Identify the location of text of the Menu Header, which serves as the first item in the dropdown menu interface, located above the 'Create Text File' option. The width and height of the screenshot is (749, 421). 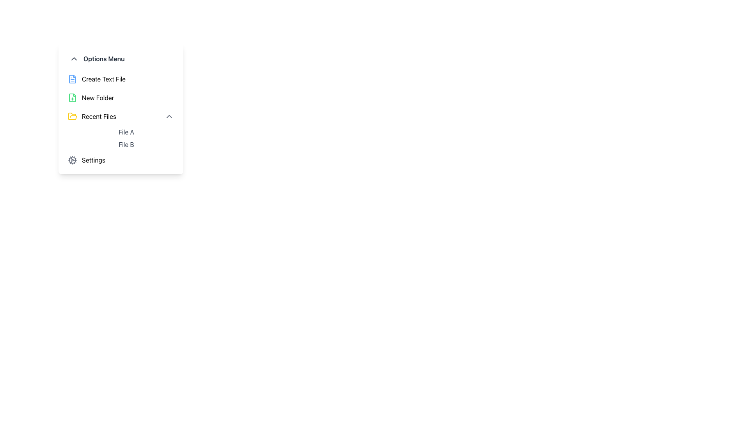
(121, 58).